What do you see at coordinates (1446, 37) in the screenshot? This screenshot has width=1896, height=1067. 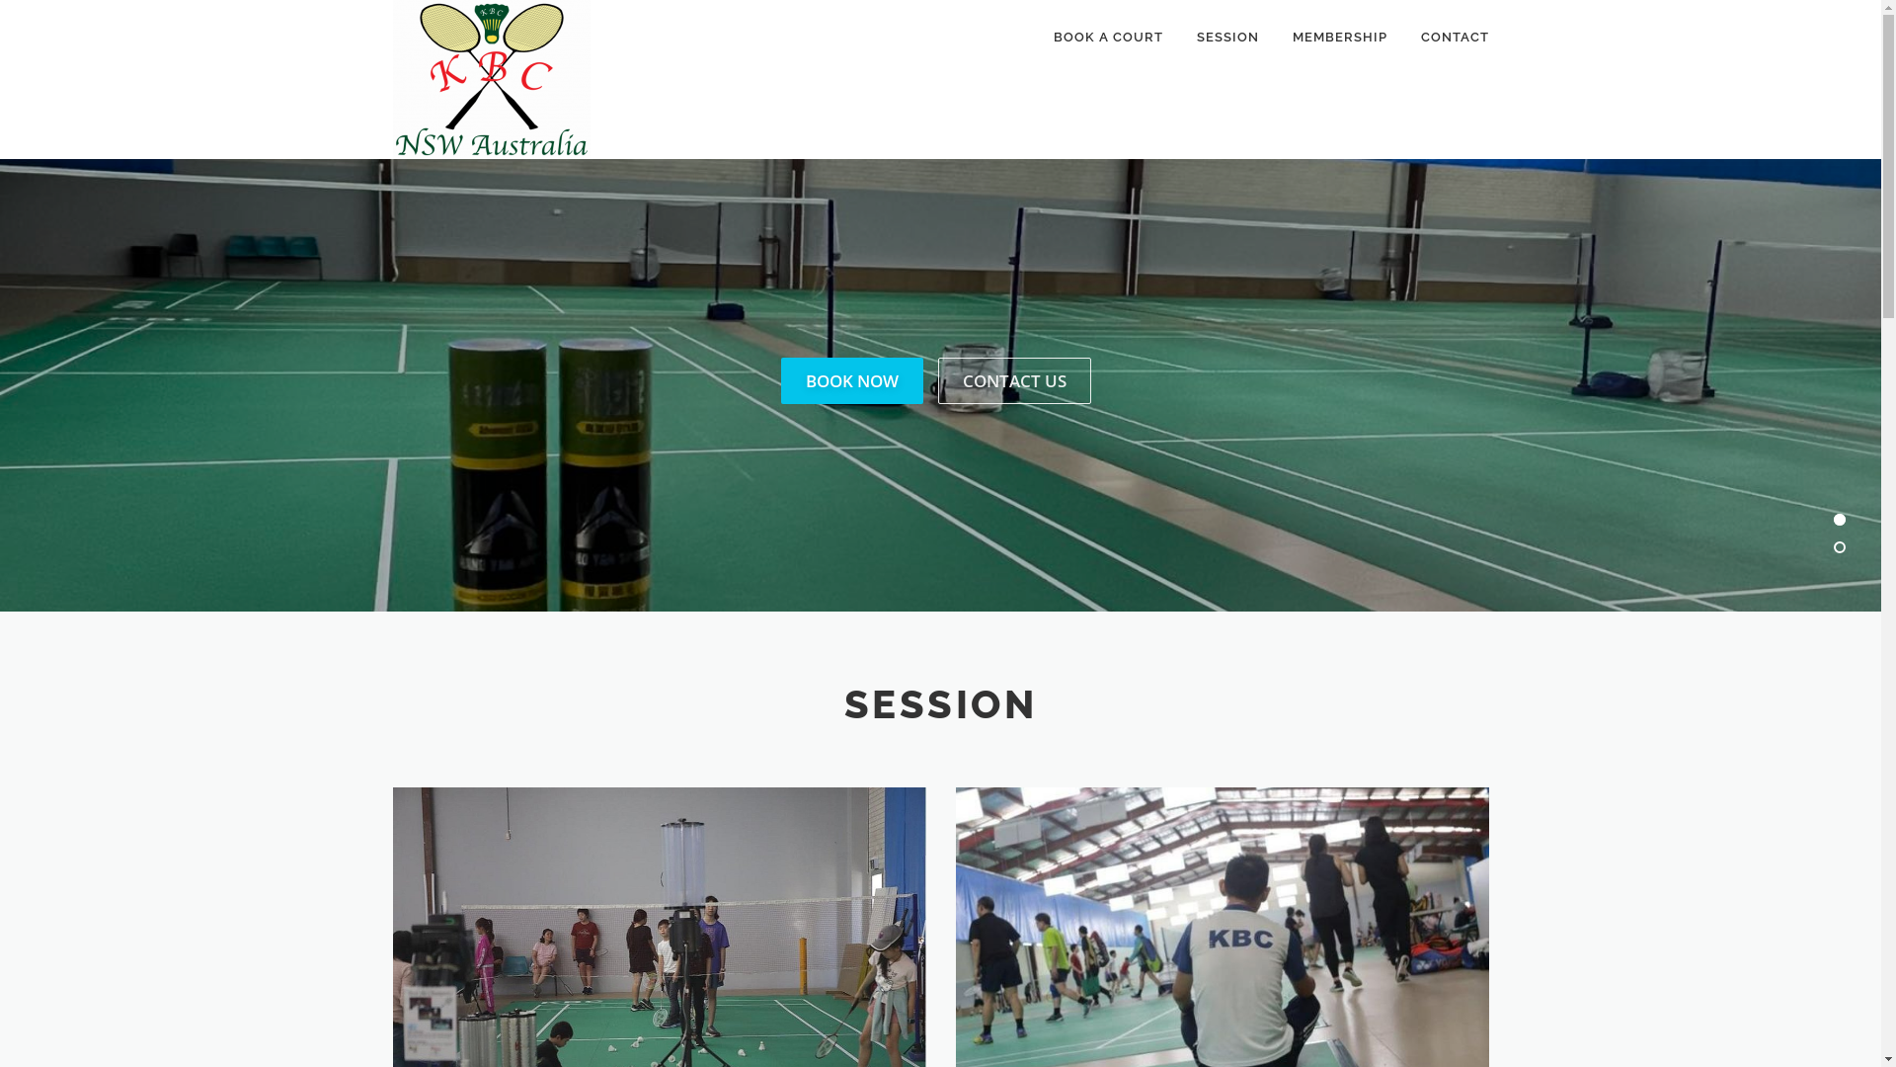 I see `'CONTACT'` at bounding box center [1446, 37].